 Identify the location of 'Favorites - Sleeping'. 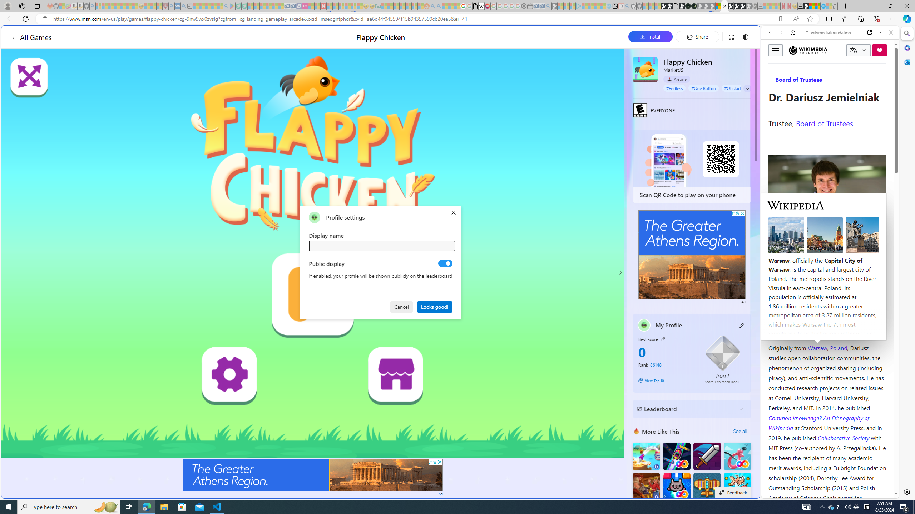
(835, 6).